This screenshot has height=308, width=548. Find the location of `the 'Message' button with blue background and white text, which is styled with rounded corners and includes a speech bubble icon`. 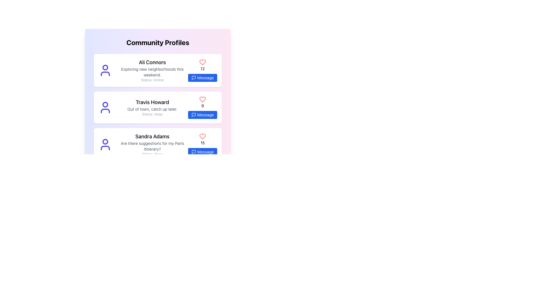

the 'Message' button with blue background and white text, which is styled with rounded corners and includes a speech bubble icon is located at coordinates (203, 151).